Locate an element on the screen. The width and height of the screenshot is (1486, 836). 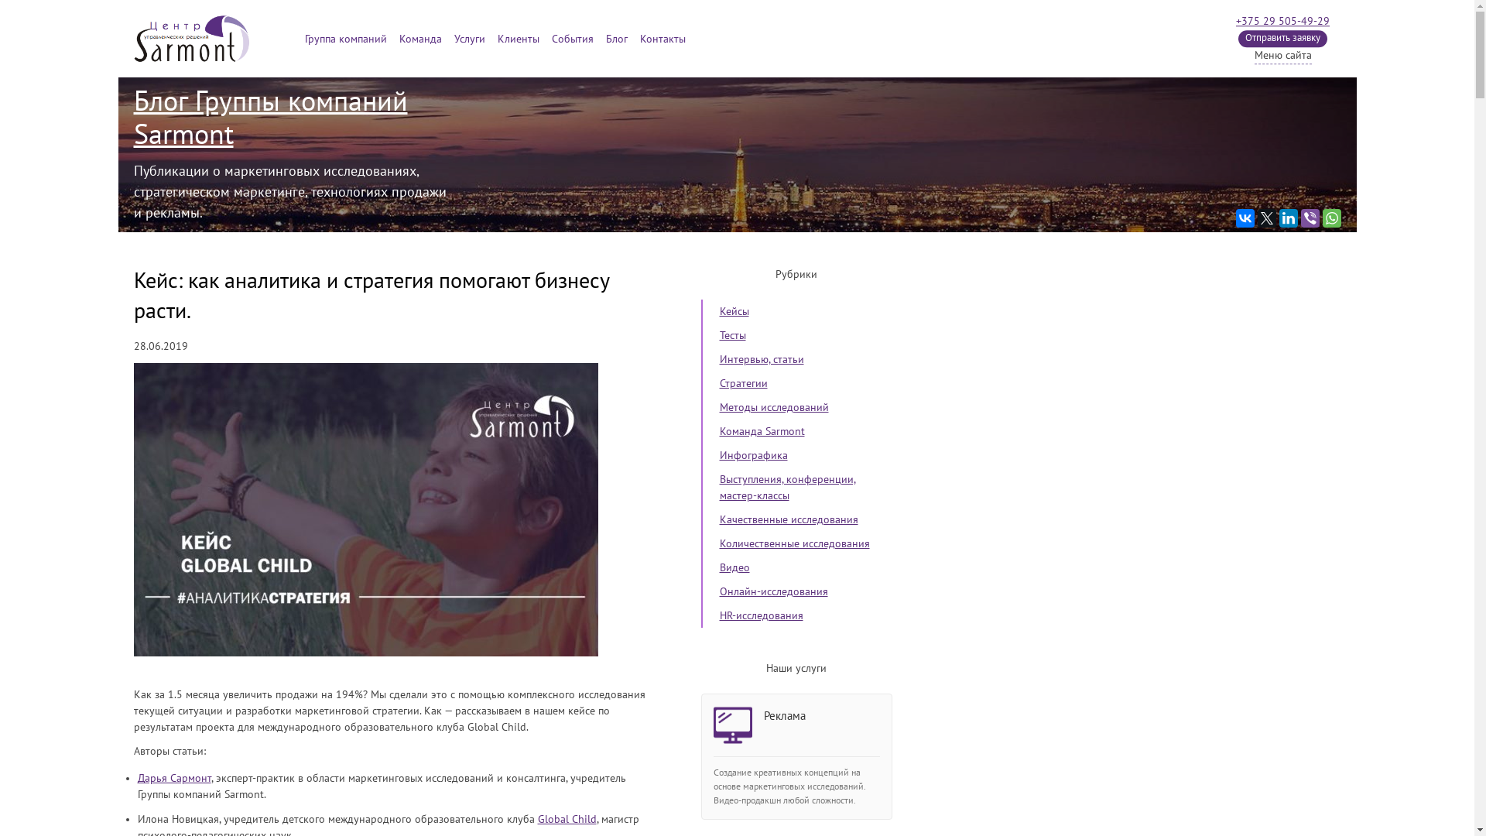
'Global Child' is located at coordinates (565, 818).